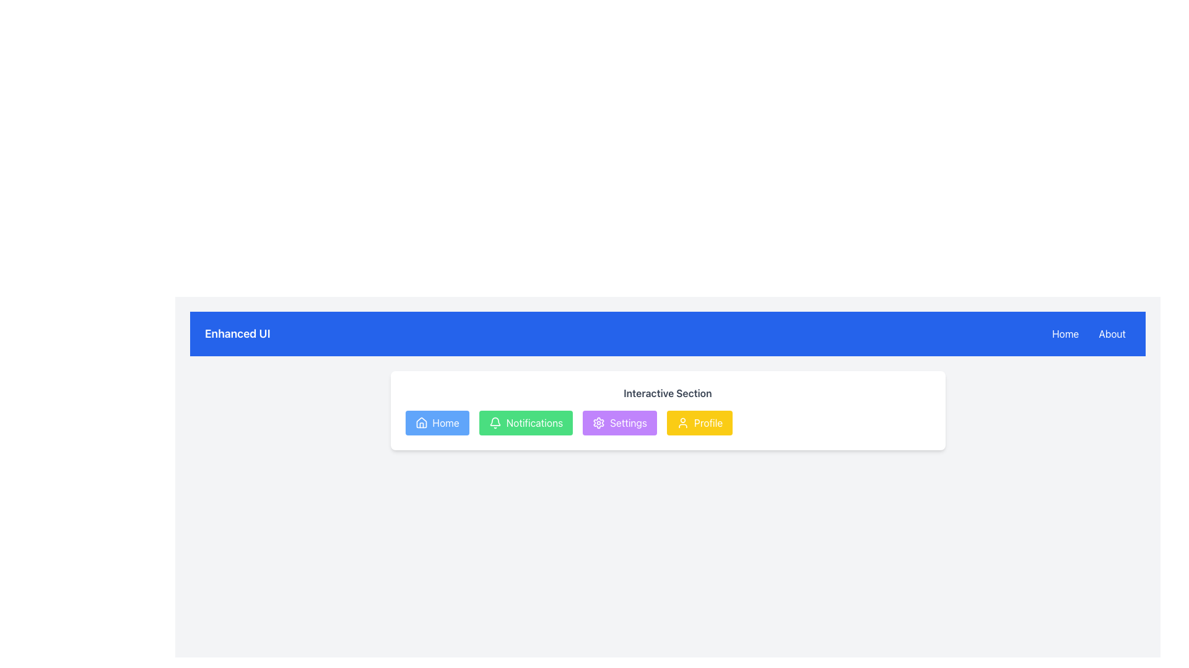  What do you see at coordinates (599, 422) in the screenshot?
I see `the settings icon, which is a gear icon with a purple background and white outline, located beneath the header and part of the 'Settings' button` at bounding box center [599, 422].